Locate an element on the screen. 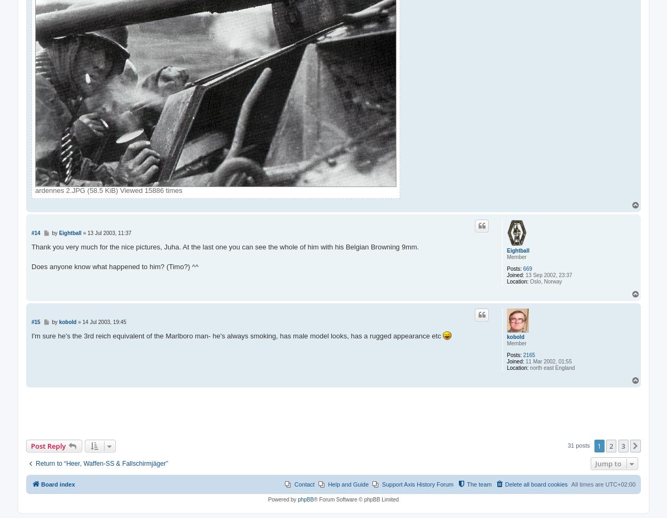  'Post Reply' is located at coordinates (47, 445).